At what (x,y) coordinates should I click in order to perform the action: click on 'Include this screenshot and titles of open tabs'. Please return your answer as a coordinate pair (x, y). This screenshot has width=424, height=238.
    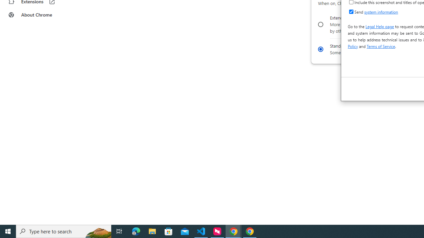
    Looking at the image, I should click on (351, 2).